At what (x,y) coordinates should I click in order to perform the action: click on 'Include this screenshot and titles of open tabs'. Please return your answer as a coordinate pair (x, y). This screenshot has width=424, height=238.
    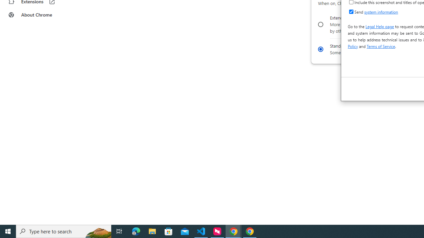
    Looking at the image, I should click on (351, 2).